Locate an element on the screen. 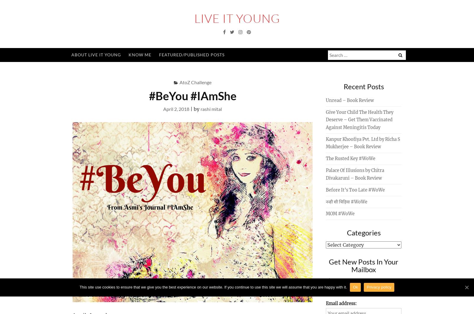 The width and height of the screenshot is (474, 314). 'MOM  #WoWe' is located at coordinates (340, 213).